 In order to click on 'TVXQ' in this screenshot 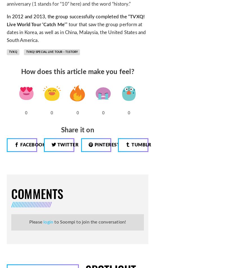, I will do `click(9, 52)`.